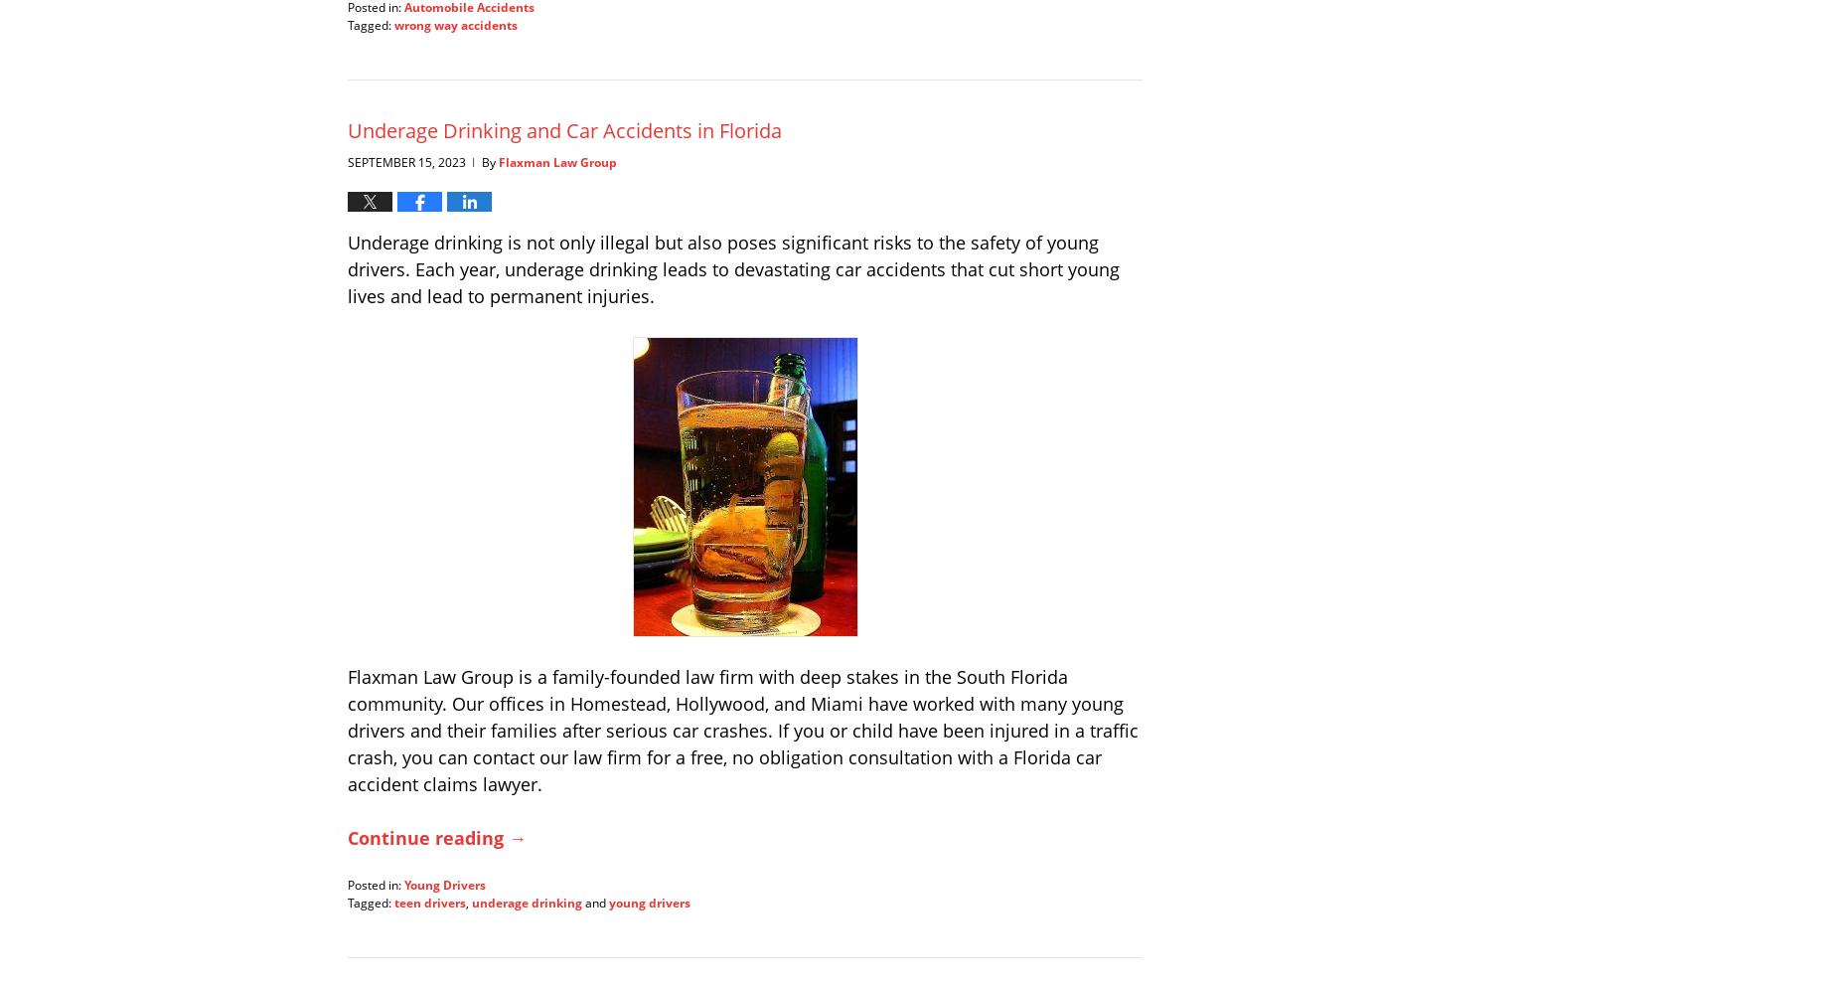  Describe the element at coordinates (468, 902) in the screenshot. I see `','` at that location.